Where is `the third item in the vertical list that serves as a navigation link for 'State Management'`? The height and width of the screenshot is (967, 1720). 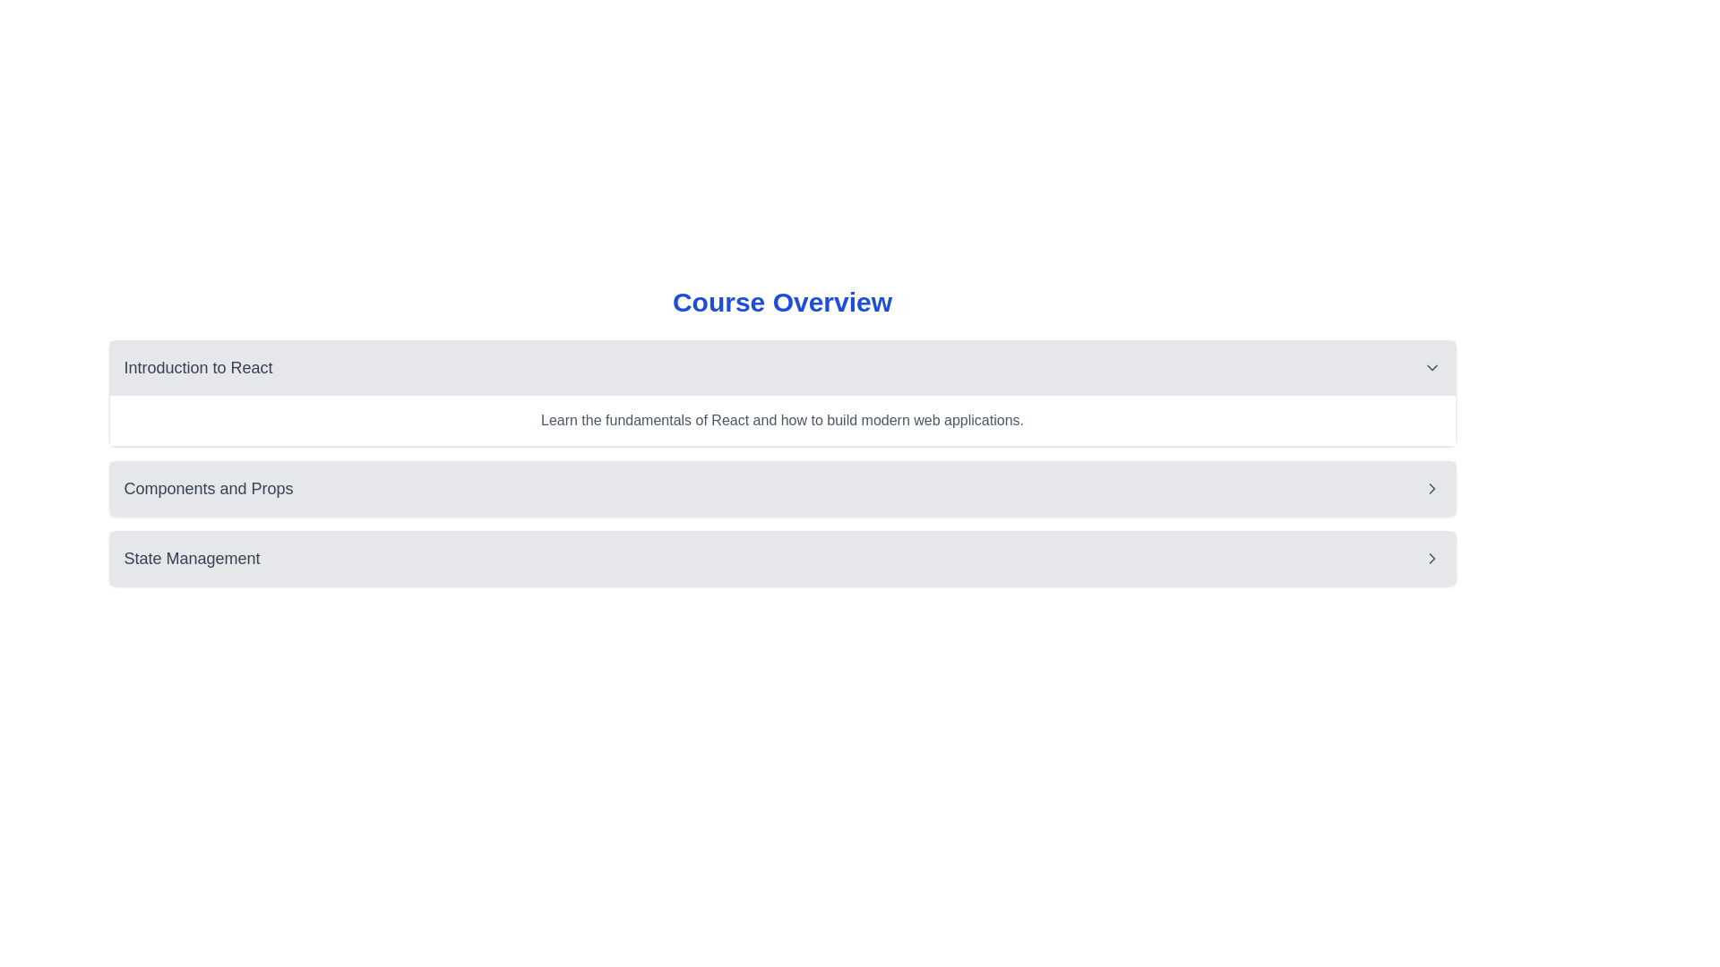 the third item in the vertical list that serves as a navigation link for 'State Management' is located at coordinates (782, 558).